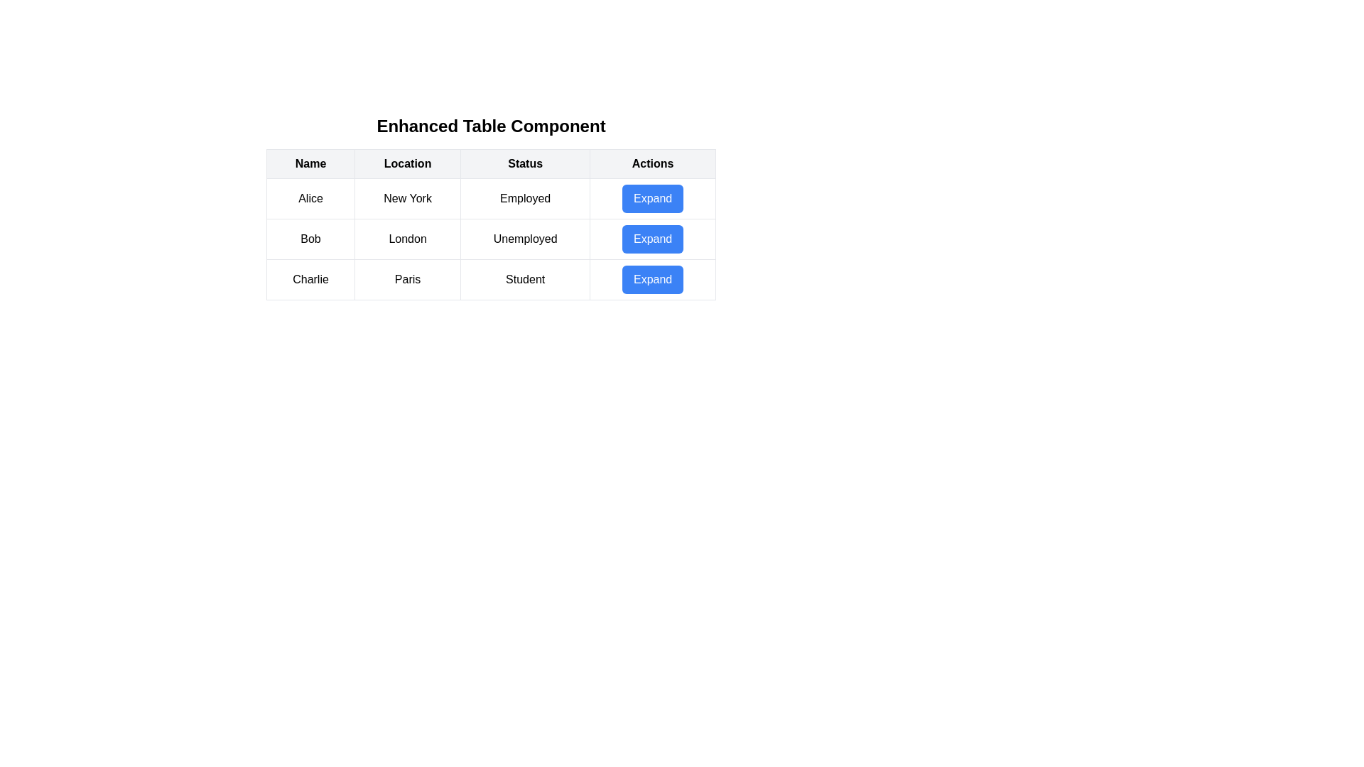 The image size is (1364, 767). Describe the element at coordinates (652, 238) in the screenshot. I see `the button located in the third column of the second row under the 'Actions' header to observe a style change` at that location.